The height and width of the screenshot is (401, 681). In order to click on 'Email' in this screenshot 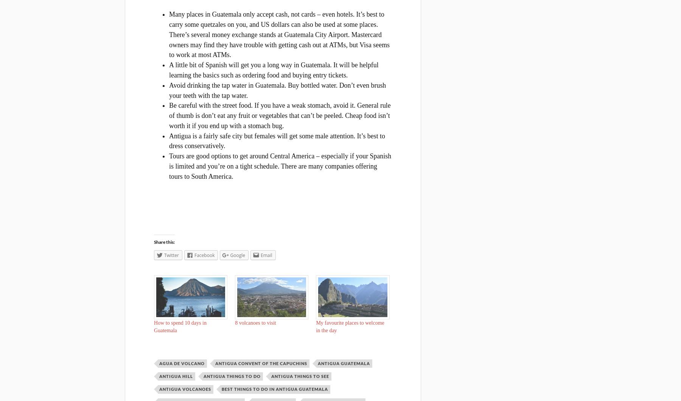, I will do `click(266, 254)`.